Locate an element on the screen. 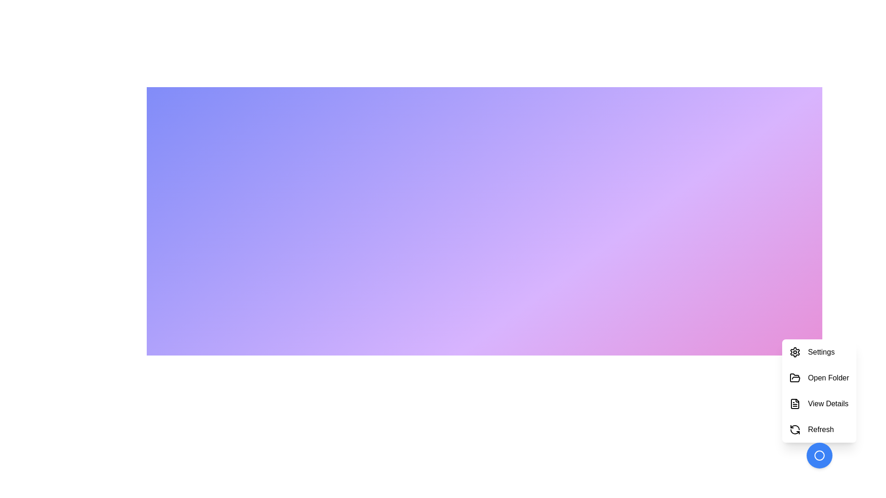 Image resolution: width=886 pixels, height=498 pixels. the menu item labeled Open Folder is located at coordinates (819, 378).